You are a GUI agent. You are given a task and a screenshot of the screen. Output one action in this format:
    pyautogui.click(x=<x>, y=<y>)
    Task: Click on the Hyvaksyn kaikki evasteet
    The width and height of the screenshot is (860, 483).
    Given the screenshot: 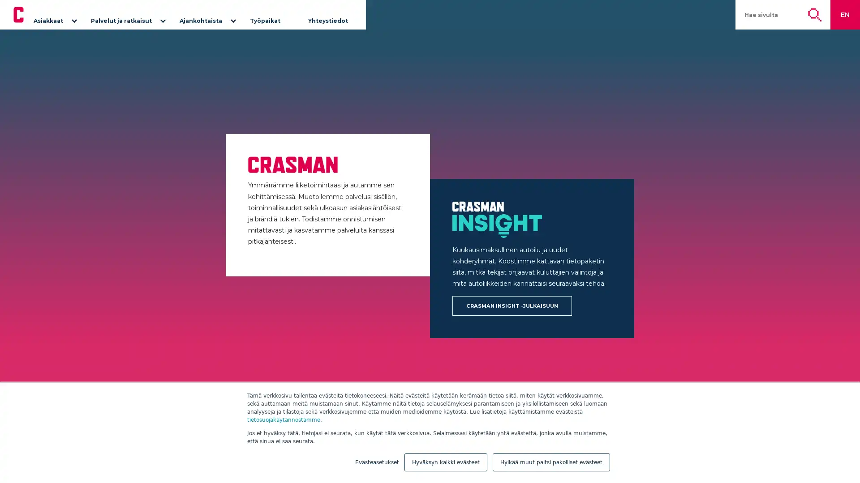 What is the action you would take?
    pyautogui.click(x=446, y=462)
    